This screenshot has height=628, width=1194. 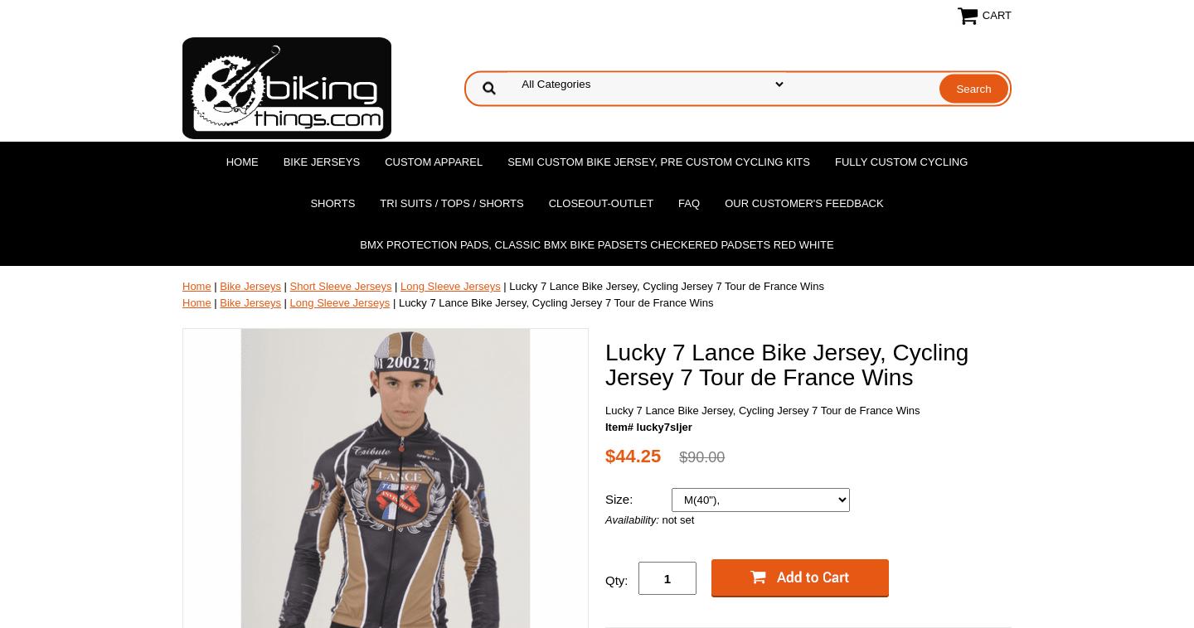 I want to click on 'FAQ', so click(x=689, y=203).